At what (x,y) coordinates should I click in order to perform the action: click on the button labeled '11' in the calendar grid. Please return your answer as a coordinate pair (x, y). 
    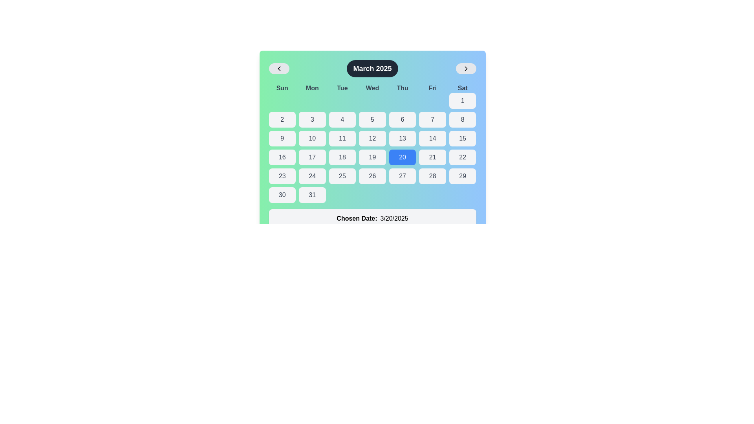
    Looking at the image, I should click on (342, 138).